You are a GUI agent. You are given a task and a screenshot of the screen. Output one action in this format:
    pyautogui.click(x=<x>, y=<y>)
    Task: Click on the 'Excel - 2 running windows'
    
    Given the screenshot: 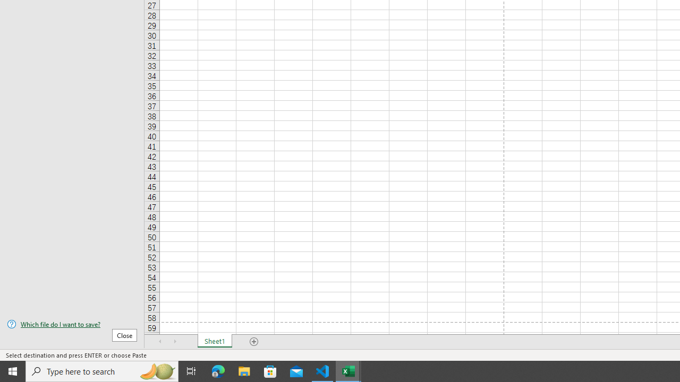 What is the action you would take?
    pyautogui.click(x=348, y=370)
    